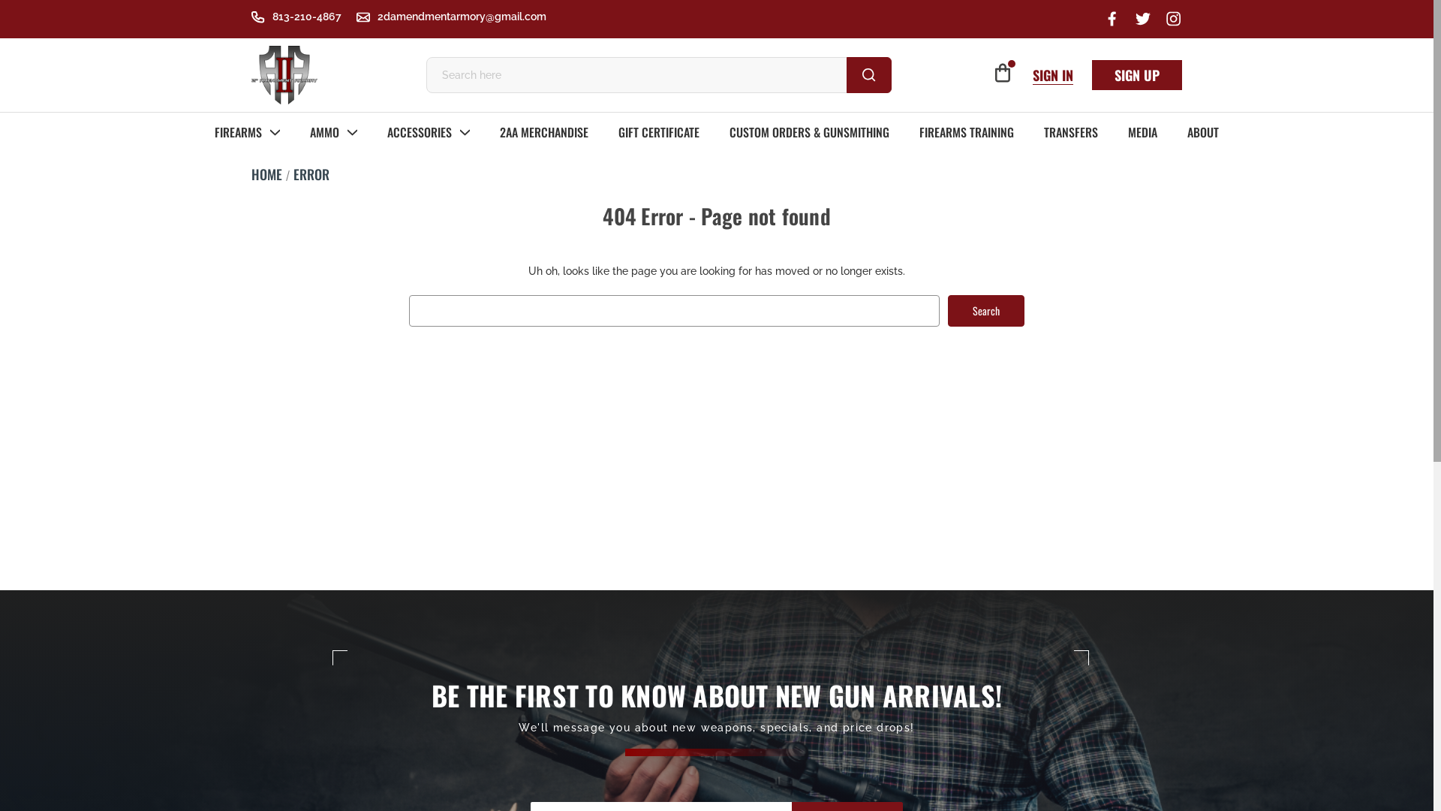 Image resolution: width=1441 pixels, height=811 pixels. Describe the element at coordinates (1203, 131) in the screenshot. I see `'ABOUT'` at that location.